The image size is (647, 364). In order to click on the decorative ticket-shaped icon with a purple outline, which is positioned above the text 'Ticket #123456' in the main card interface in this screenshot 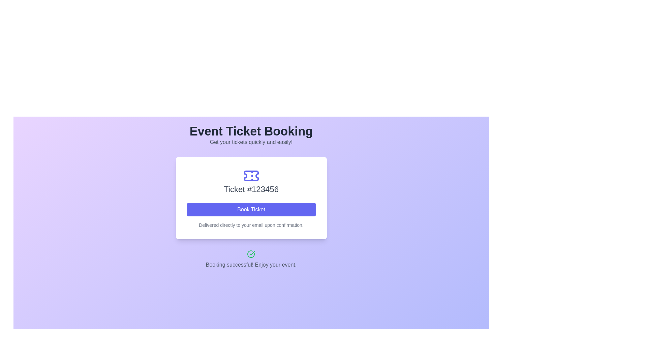, I will do `click(251, 175)`.